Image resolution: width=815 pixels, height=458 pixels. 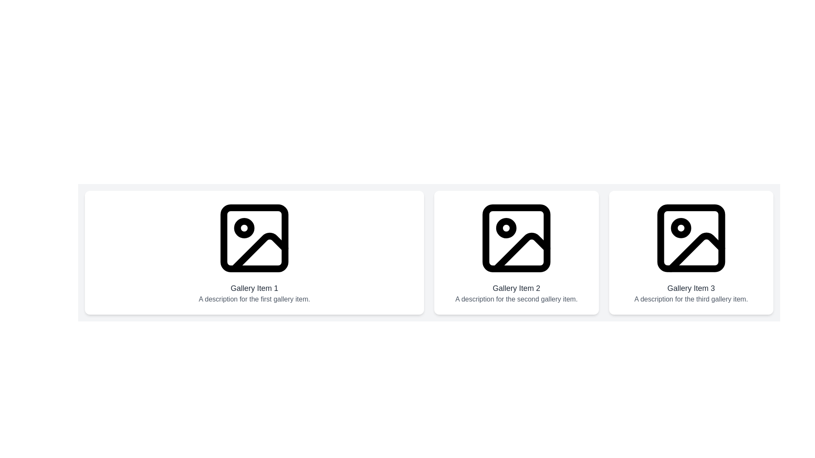 What do you see at coordinates (516, 238) in the screenshot?
I see `properties of the small rounded rectangle located at the top-left corner of the gallery icon in the second card labeled 'Gallery Item 2'` at bounding box center [516, 238].